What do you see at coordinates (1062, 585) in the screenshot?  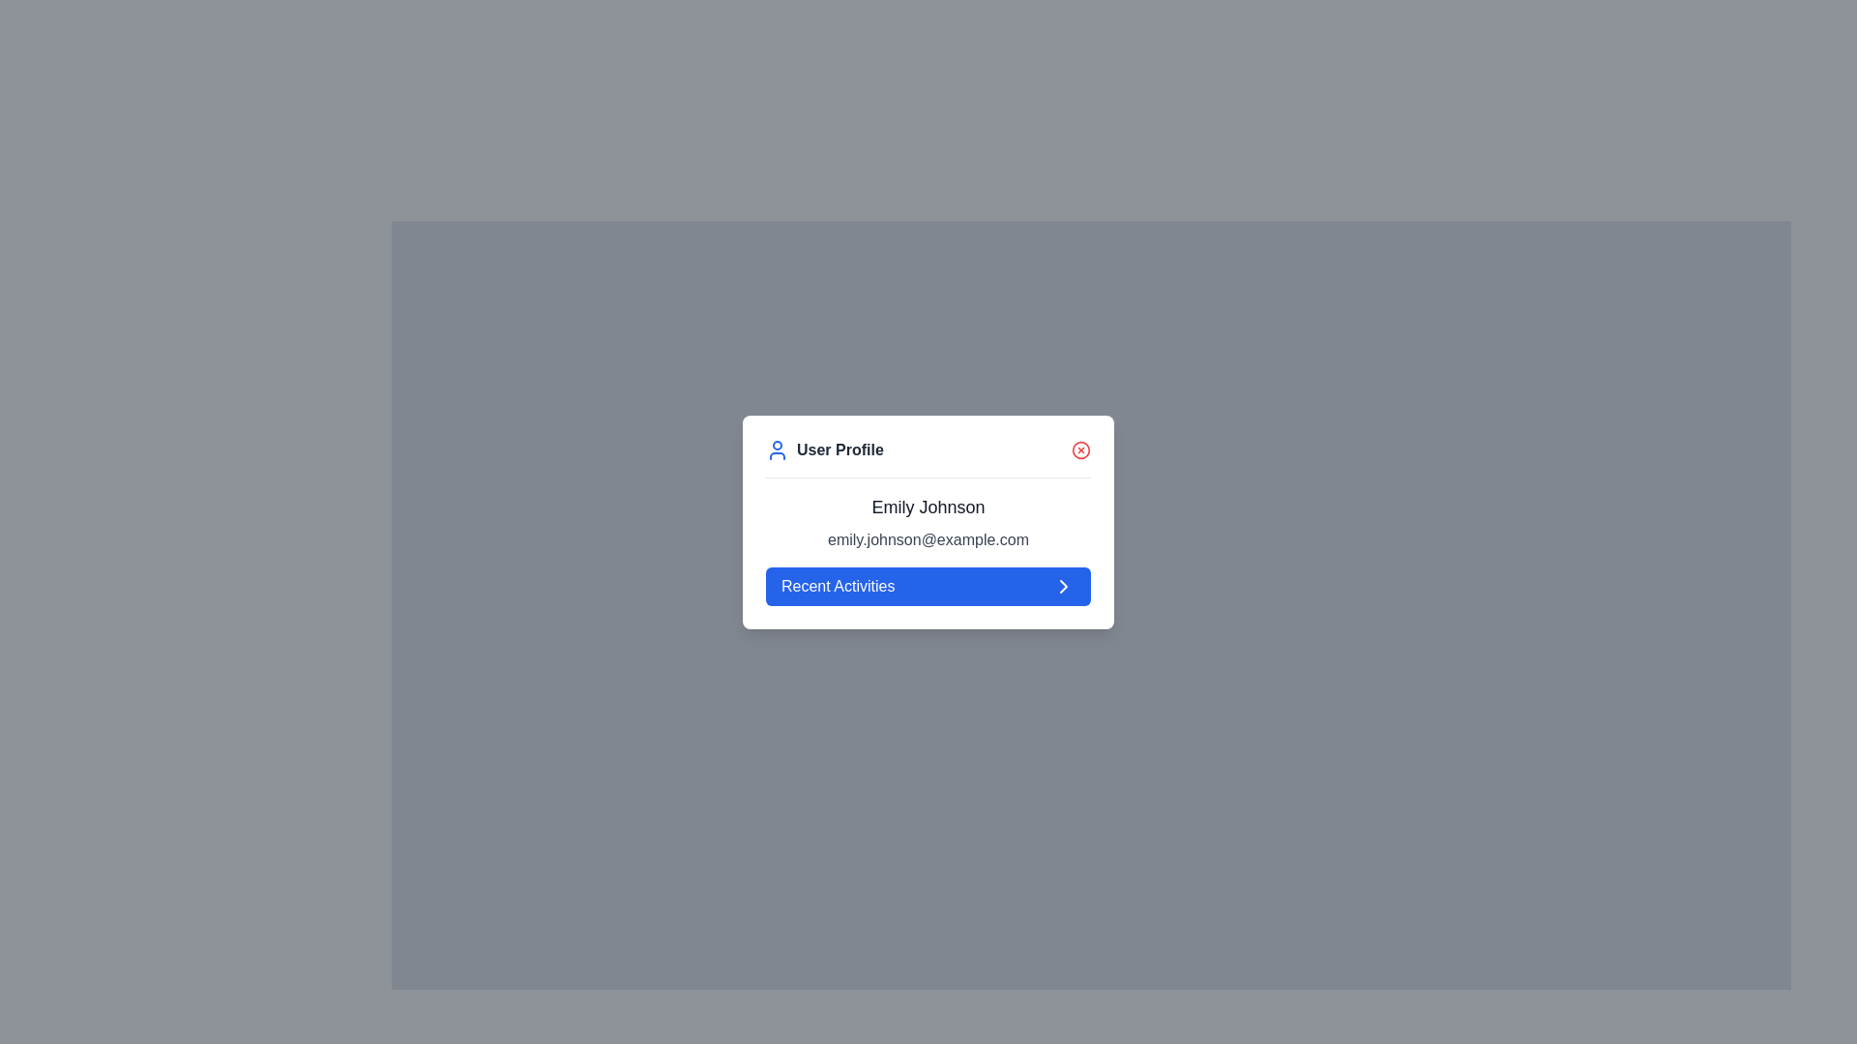 I see `the rightward-pointing arrowhead icon inside the button-like component in the 'Recent Activities' section` at bounding box center [1062, 585].